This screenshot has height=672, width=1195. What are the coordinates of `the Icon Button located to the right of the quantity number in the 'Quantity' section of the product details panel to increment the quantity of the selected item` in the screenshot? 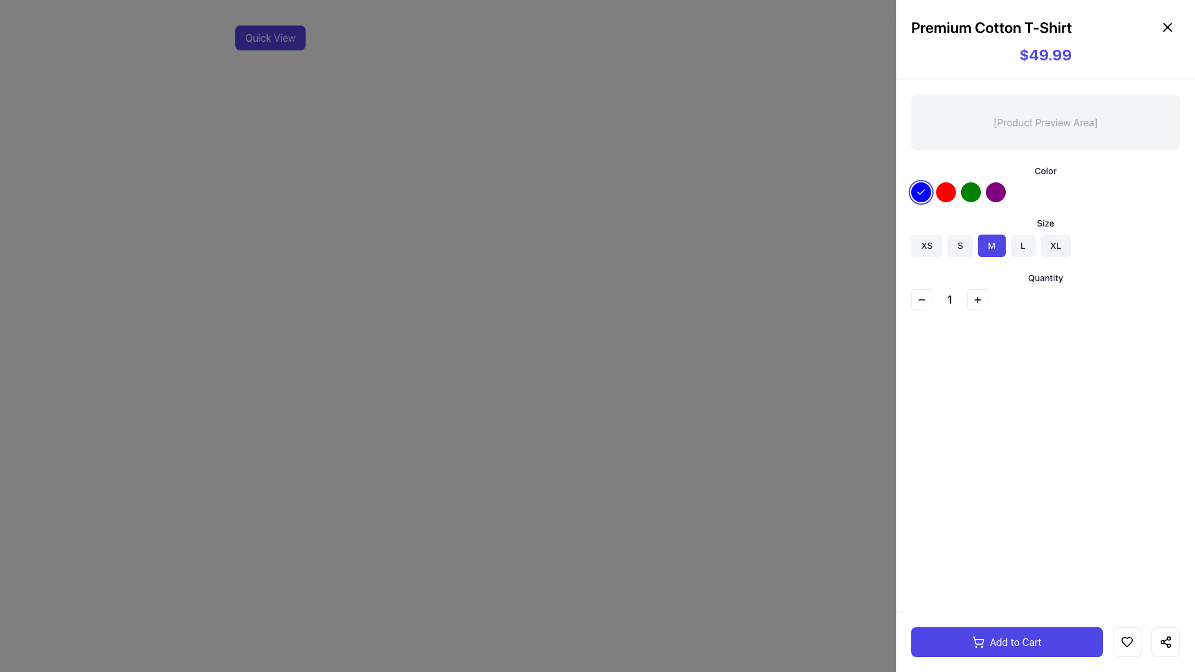 It's located at (977, 300).